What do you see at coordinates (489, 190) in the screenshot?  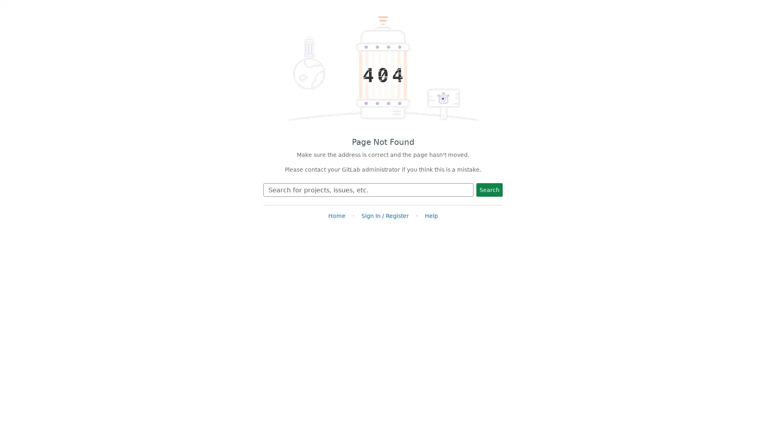 I see `Search` at bounding box center [489, 190].